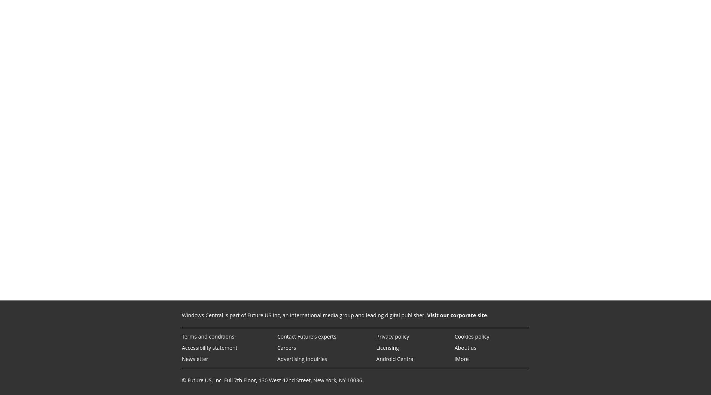 This screenshot has height=395, width=711. What do you see at coordinates (454, 359) in the screenshot?
I see `'iMore'` at bounding box center [454, 359].